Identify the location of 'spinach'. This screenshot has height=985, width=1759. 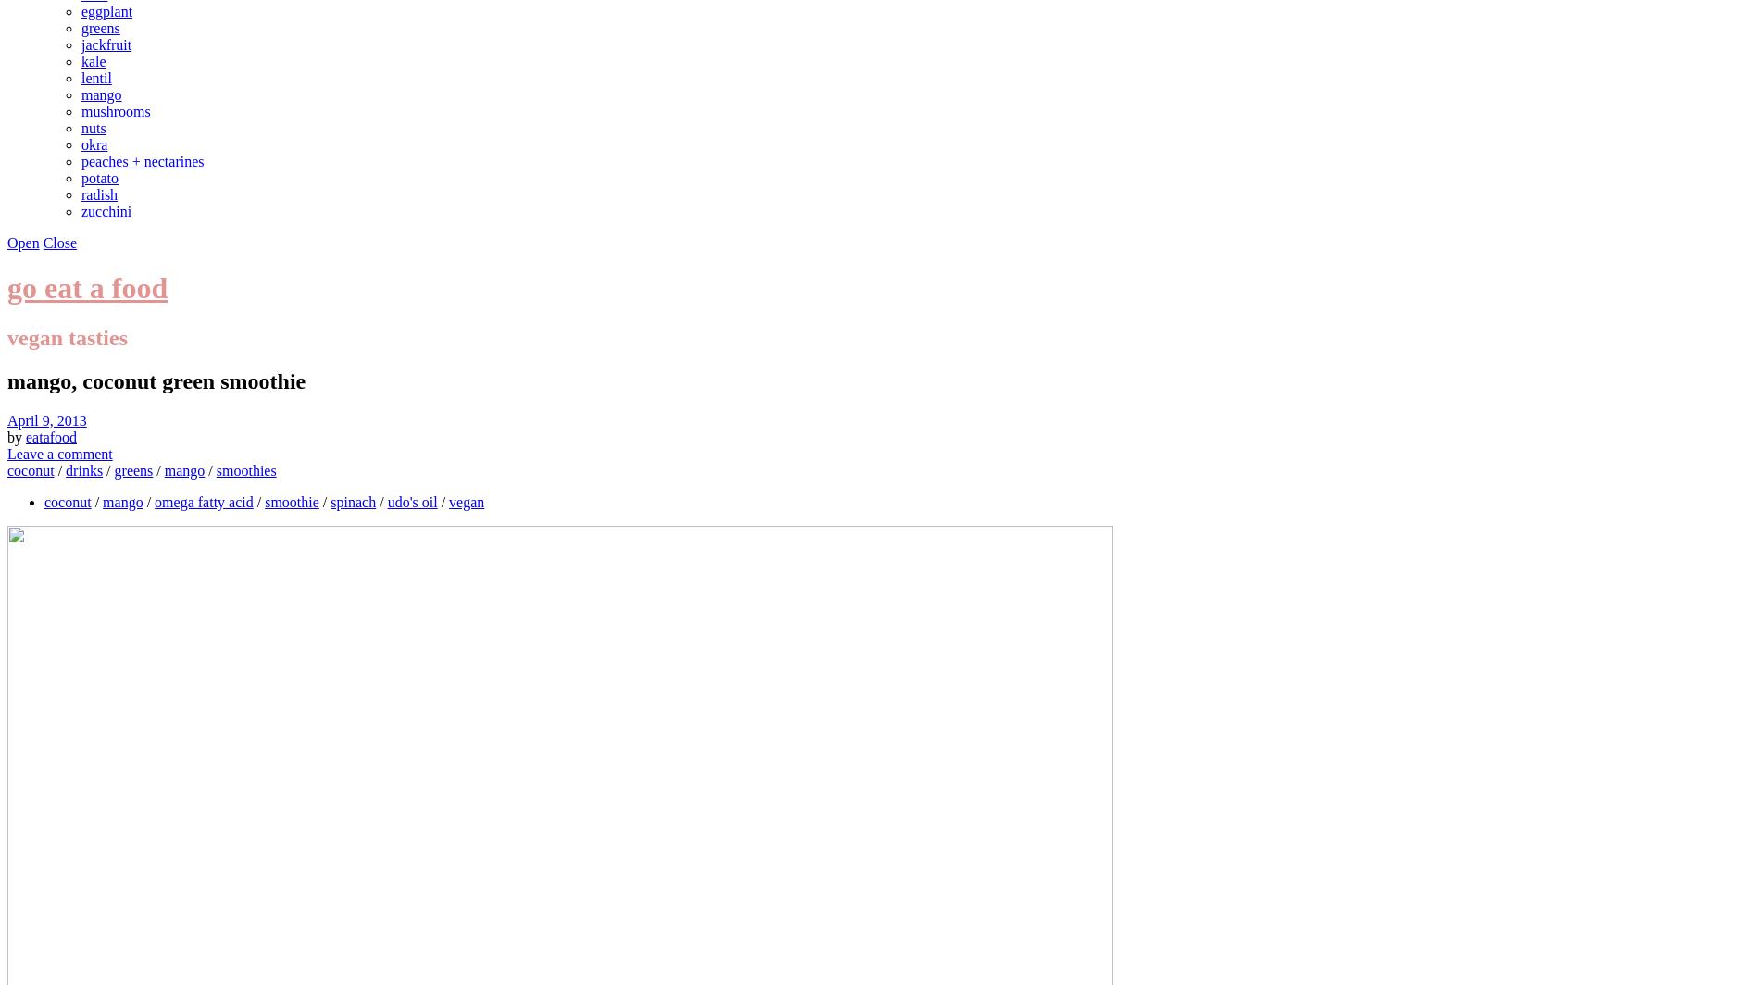
(352, 501).